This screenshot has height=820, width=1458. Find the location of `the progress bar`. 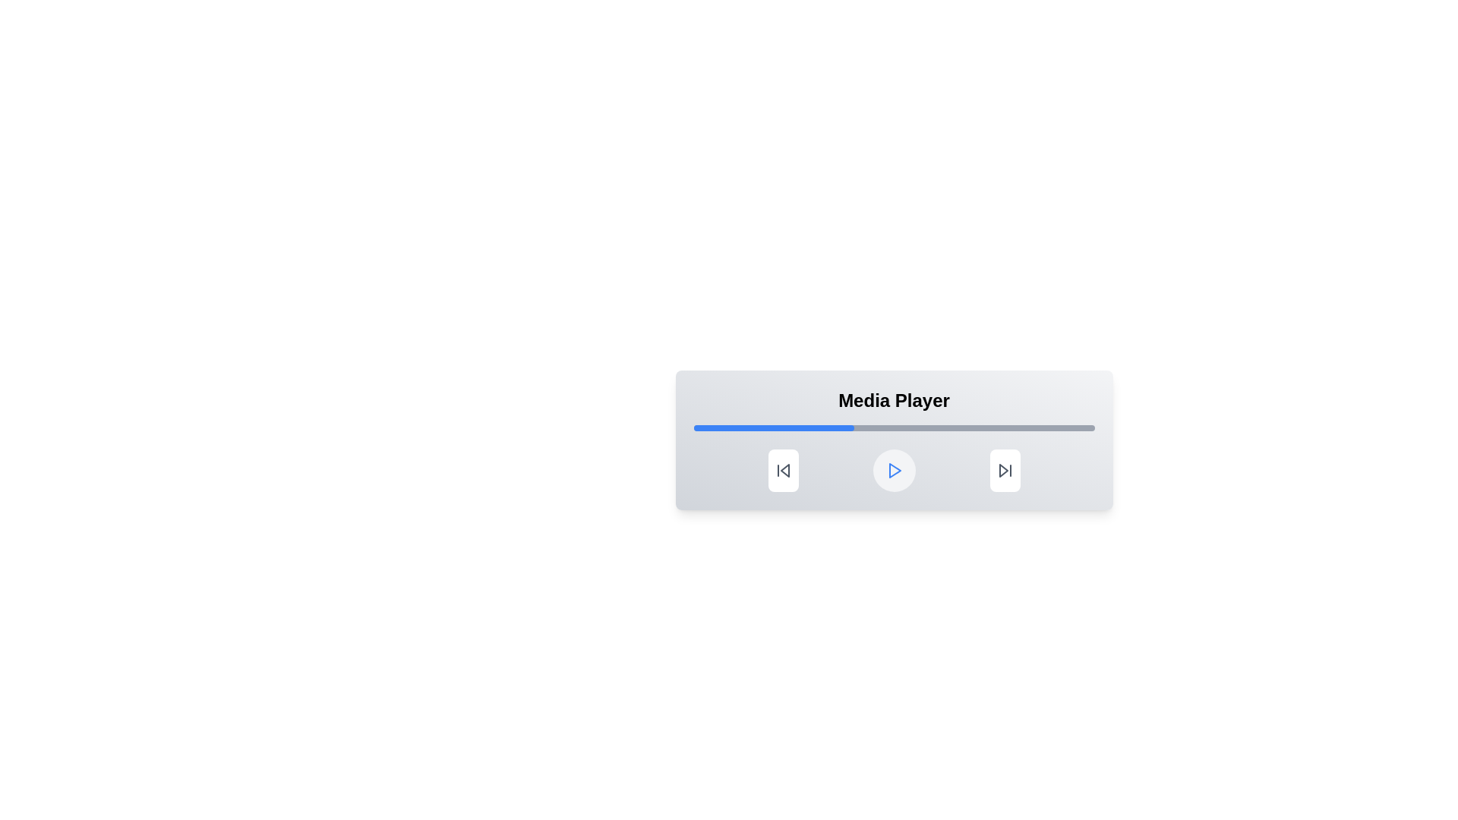

the progress bar is located at coordinates (1046, 427).